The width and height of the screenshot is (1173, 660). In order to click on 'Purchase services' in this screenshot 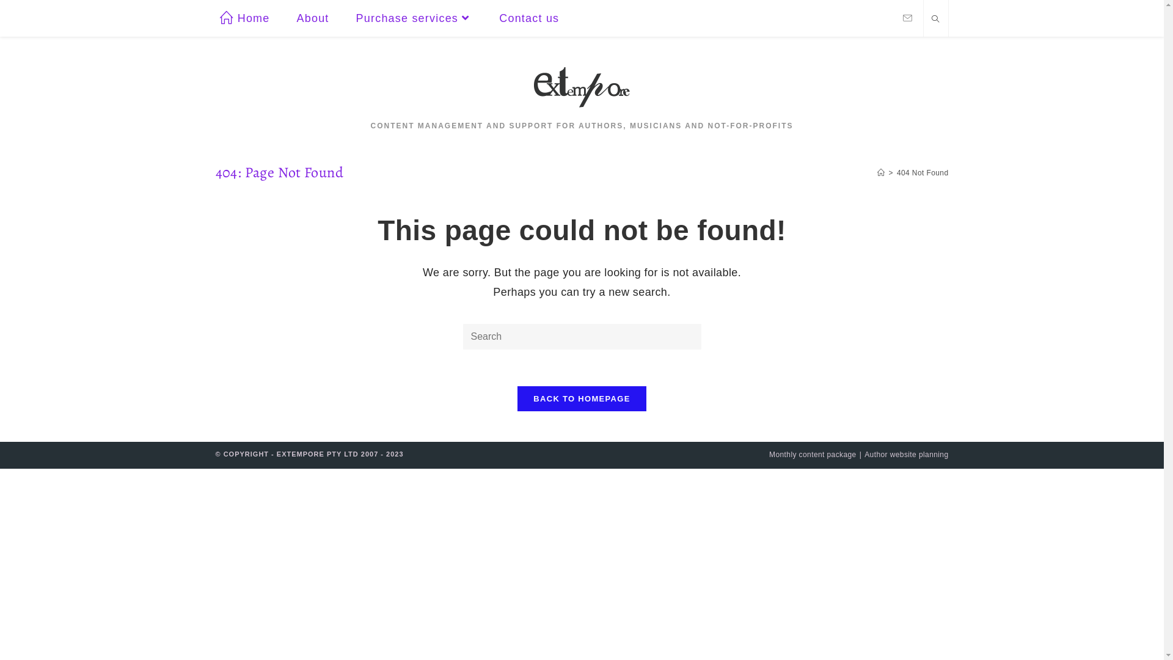, I will do `click(414, 18)`.